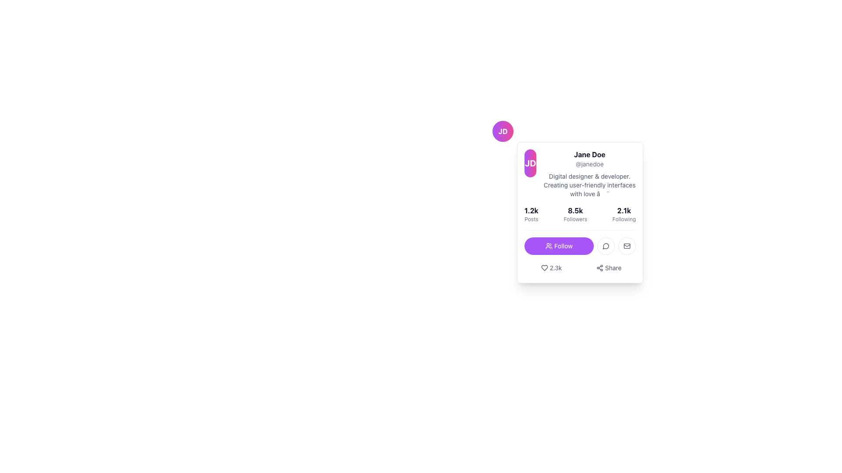 This screenshot has height=473, width=842. What do you see at coordinates (599, 268) in the screenshot?
I see `the 'Share' icon located at the bottom right of the user profile card` at bounding box center [599, 268].